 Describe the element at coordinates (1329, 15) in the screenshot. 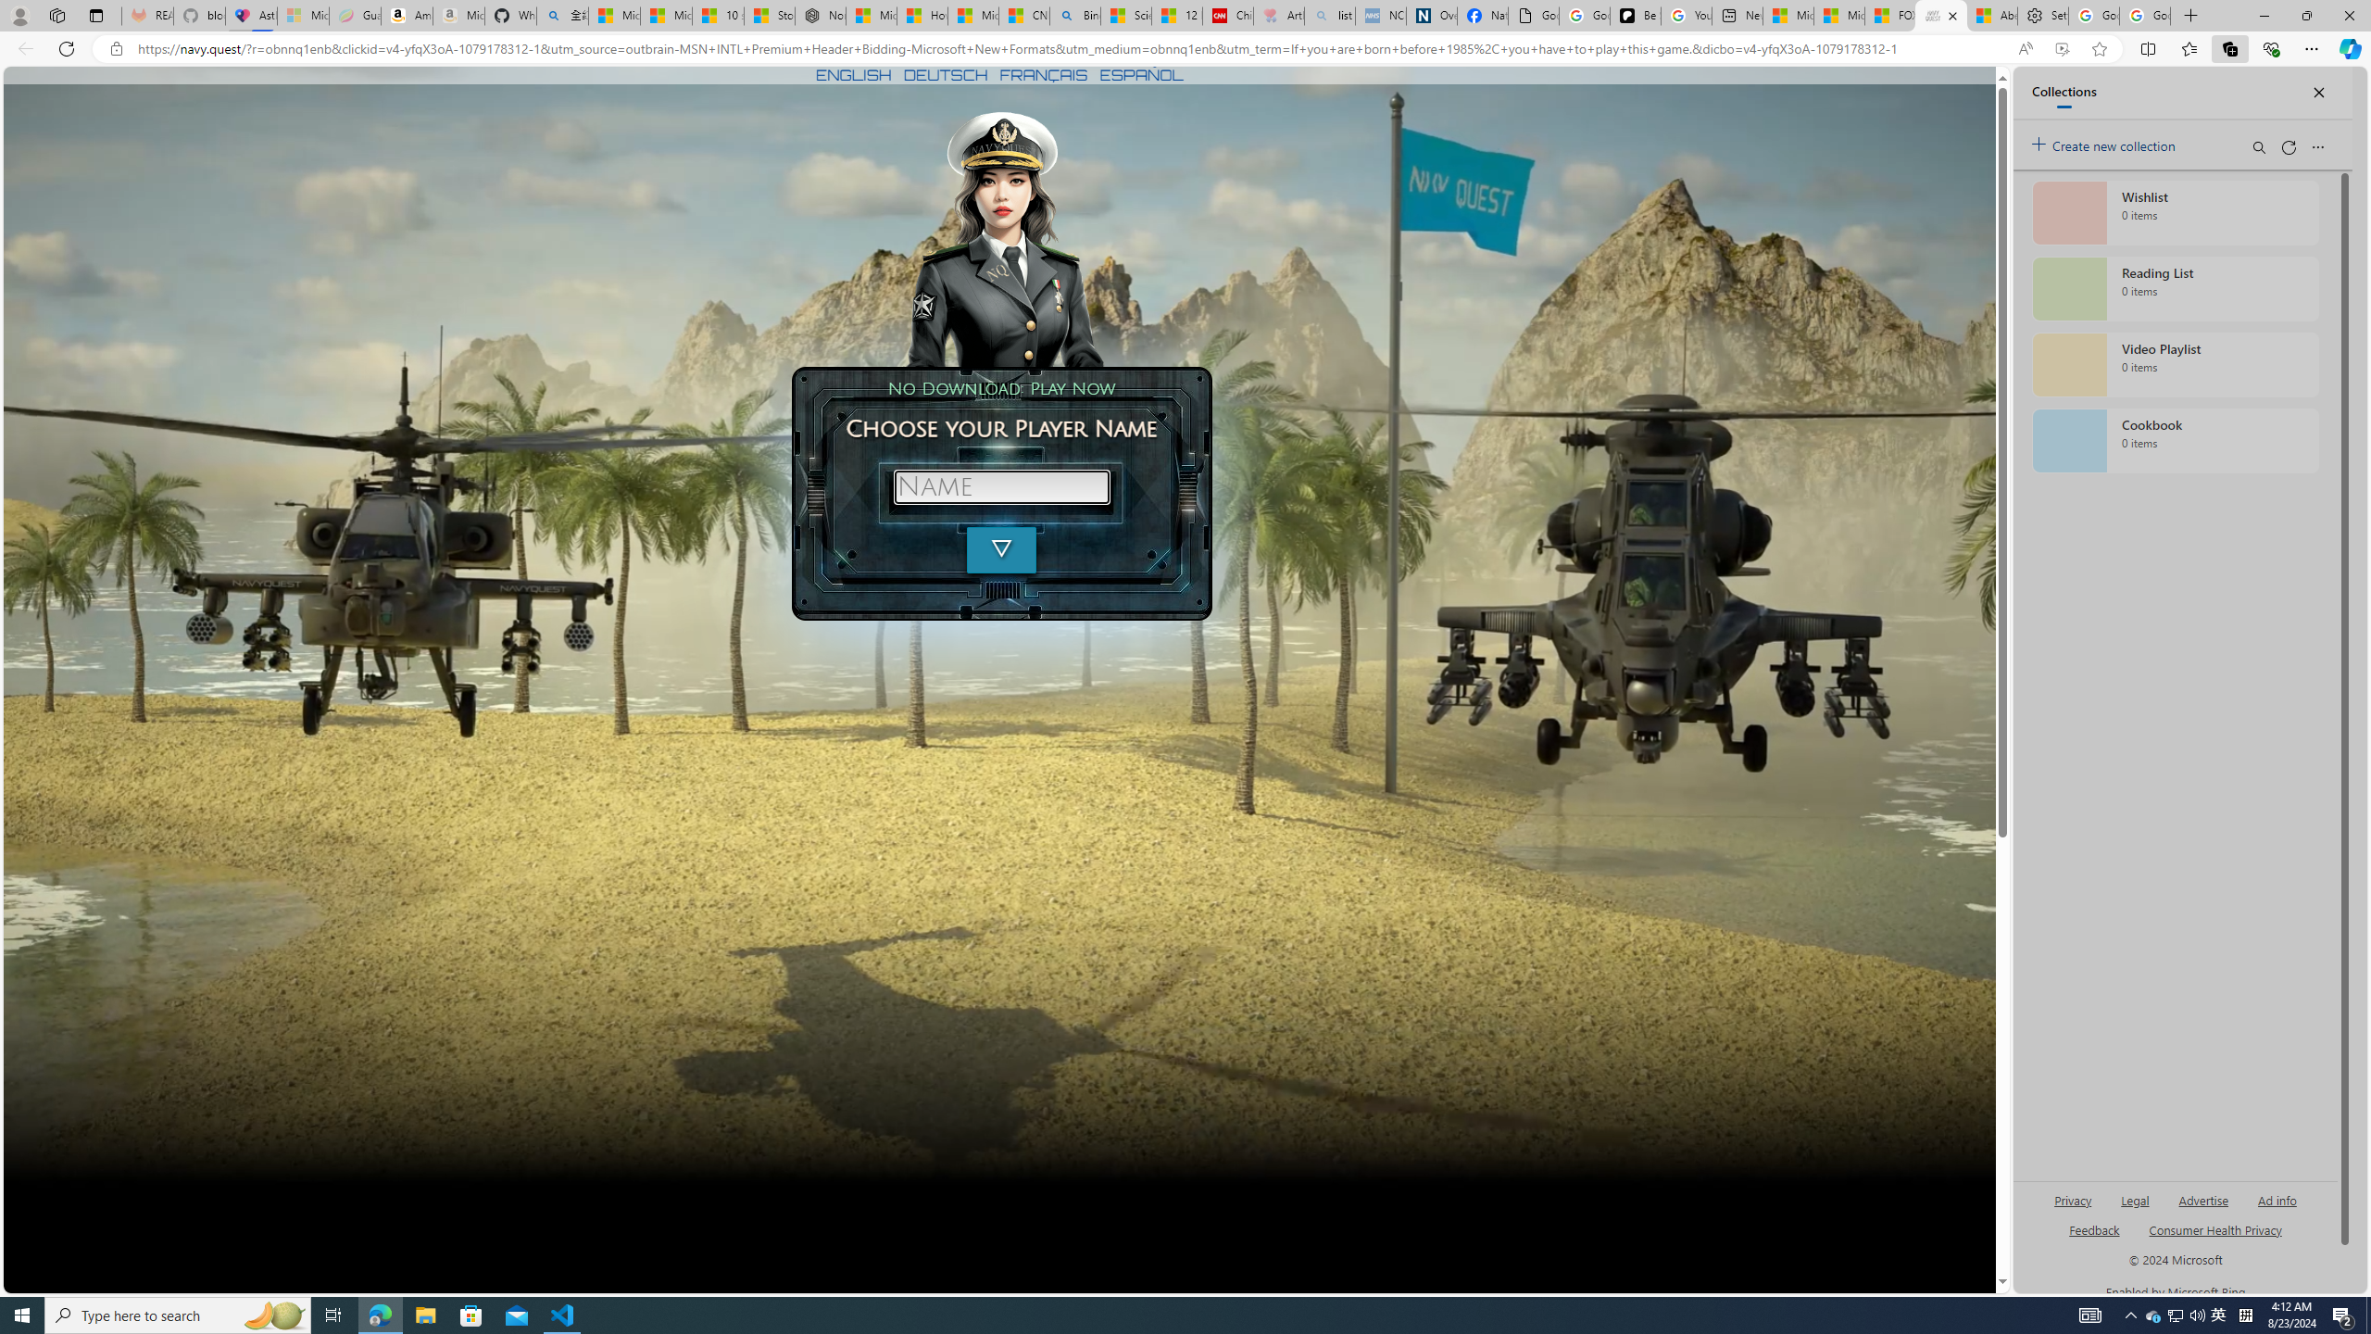

I see `'list of asthma inhalers uk - Search - Sleeping'` at that location.